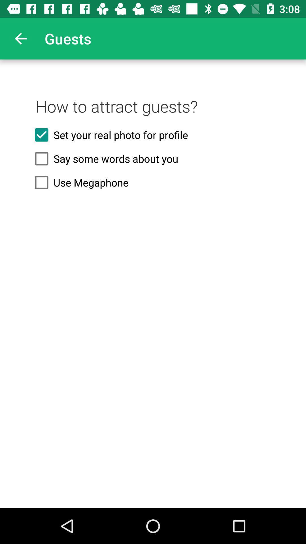 The image size is (306, 544). Describe the element at coordinates (153, 135) in the screenshot. I see `icon above say some words` at that location.